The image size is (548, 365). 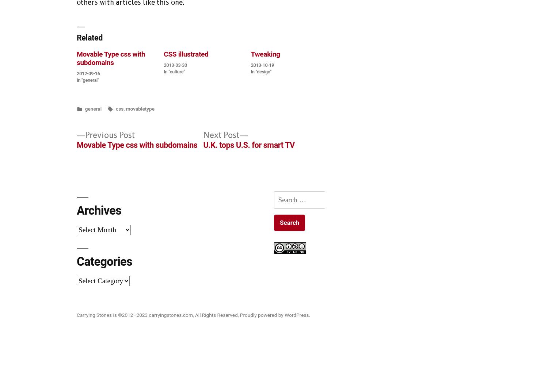 I want to click on 'Proudly powered by WordPress.', so click(x=275, y=315).